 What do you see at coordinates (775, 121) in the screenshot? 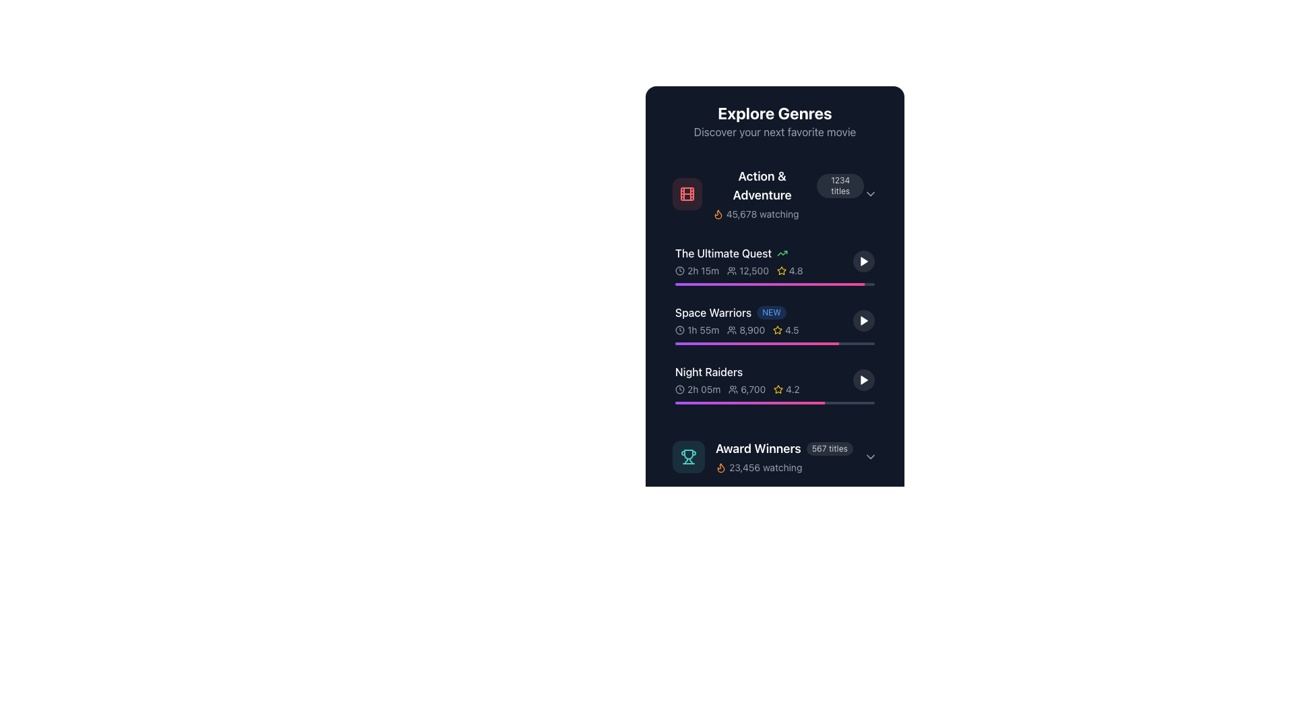
I see `the header element displaying 'Explore Genres' and the subheader 'Discover your next favorite movie', which is styled with bold white text on a dark background` at bounding box center [775, 121].